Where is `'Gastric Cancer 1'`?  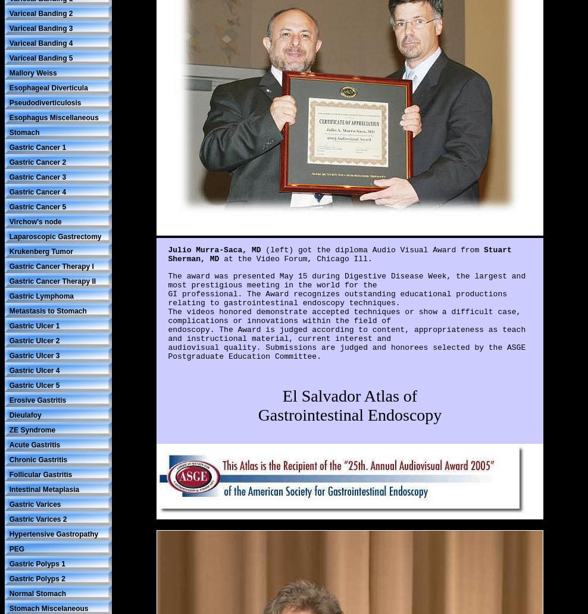
'Gastric Cancer 1' is located at coordinates (8, 146).